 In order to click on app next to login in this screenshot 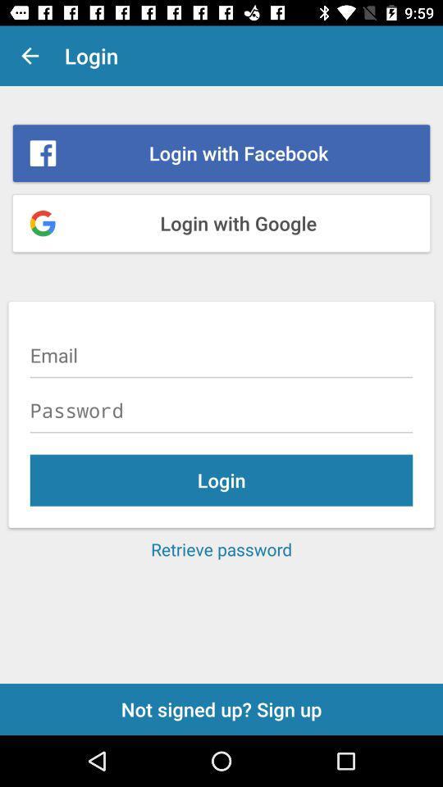, I will do `click(30, 56)`.